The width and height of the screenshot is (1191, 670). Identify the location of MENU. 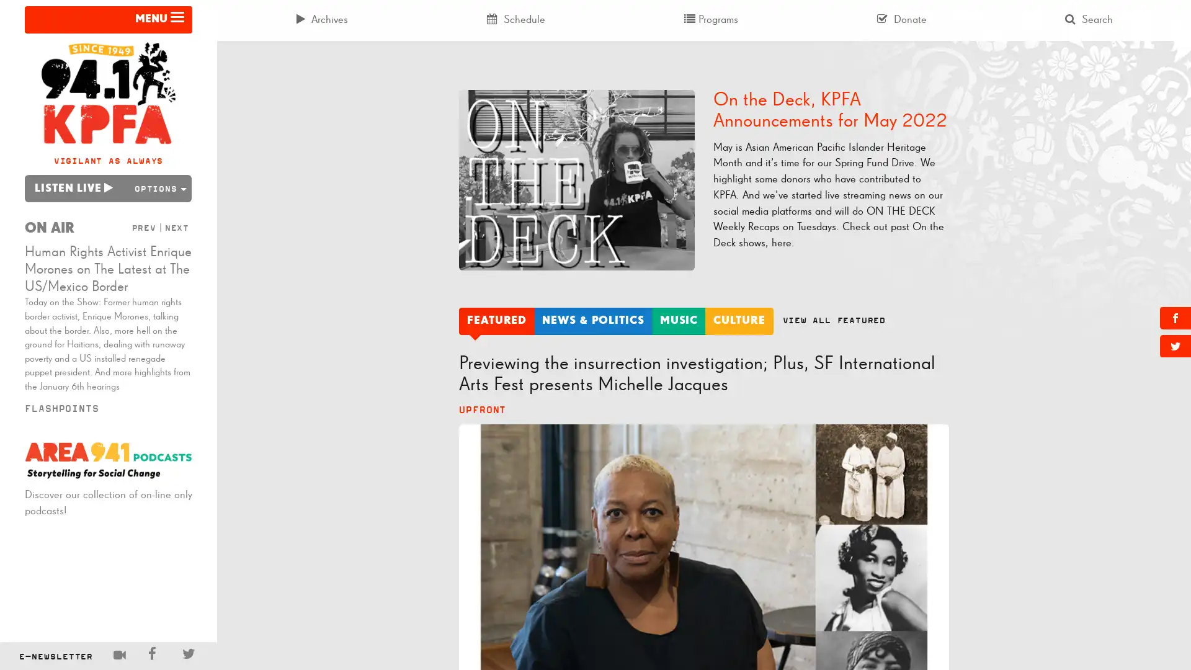
(108, 19).